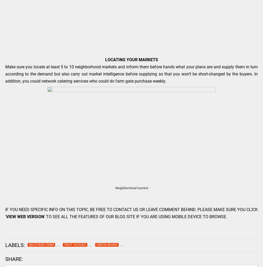 The height and width of the screenshot is (267, 263). I want to click on 'IF YOU NEED SPECIFIC INFO ON THIS TOPIC, BE FREE TO CONTACT US OR LEAVE COMMENT BEHIND. PLEASE MAKE SURE YOU CLICK '', so click(131, 213).